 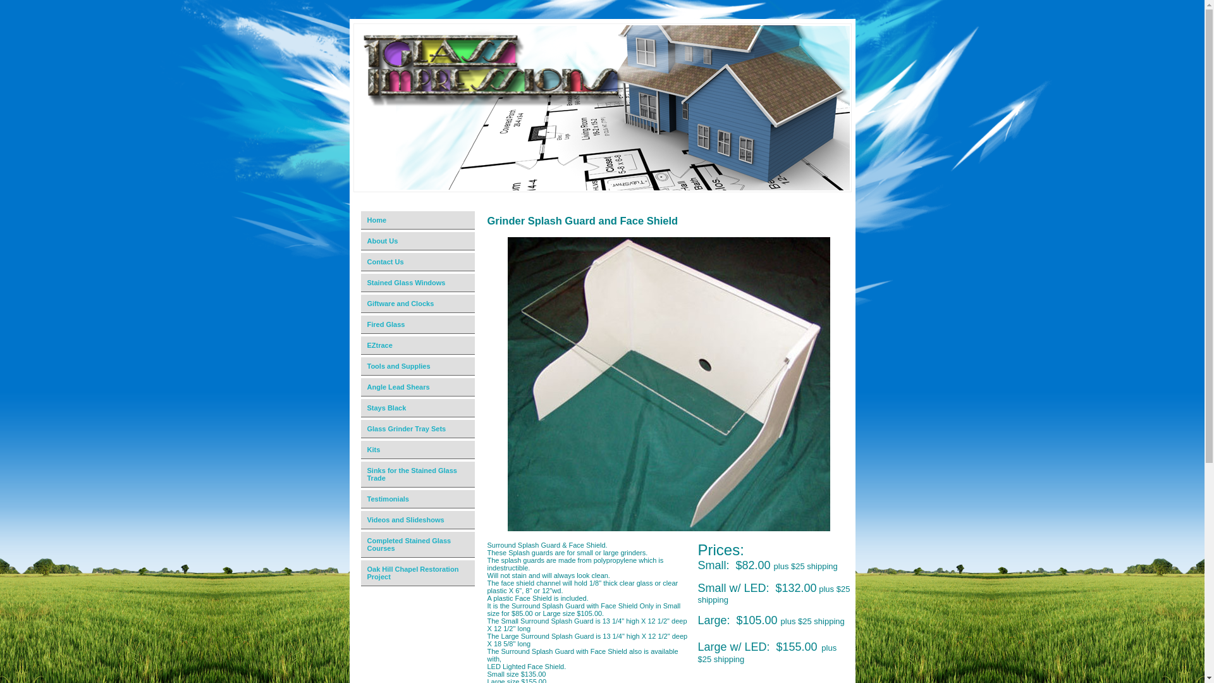 What do you see at coordinates (354, 261) in the screenshot?
I see `'Contact Us'` at bounding box center [354, 261].